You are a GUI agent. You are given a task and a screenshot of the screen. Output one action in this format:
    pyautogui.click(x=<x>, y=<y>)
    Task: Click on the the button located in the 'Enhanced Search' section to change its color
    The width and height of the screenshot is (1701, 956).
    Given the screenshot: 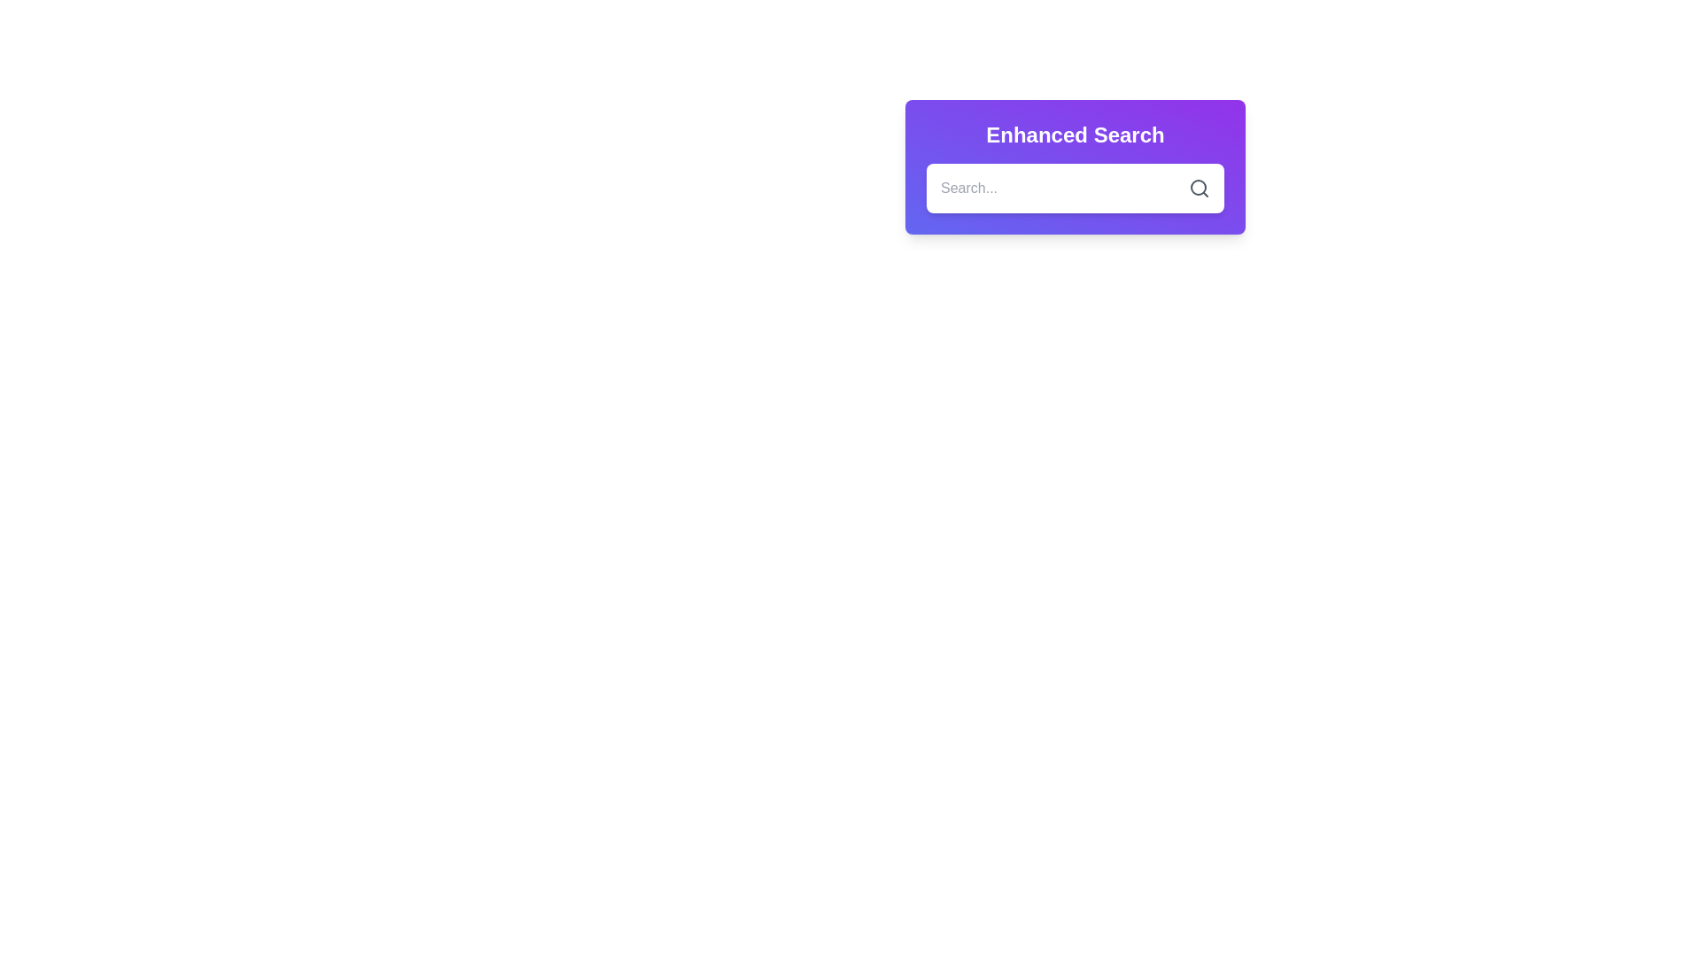 What is the action you would take?
    pyautogui.click(x=1199, y=188)
    